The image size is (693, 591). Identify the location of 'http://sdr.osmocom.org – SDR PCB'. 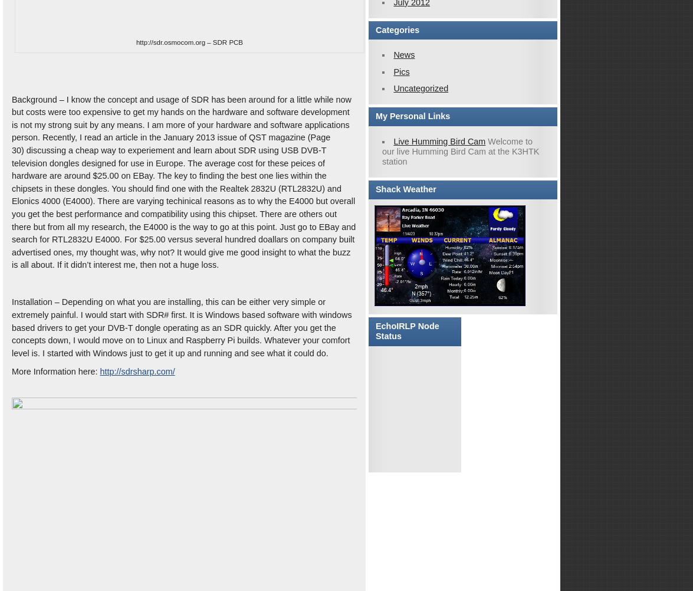
(189, 42).